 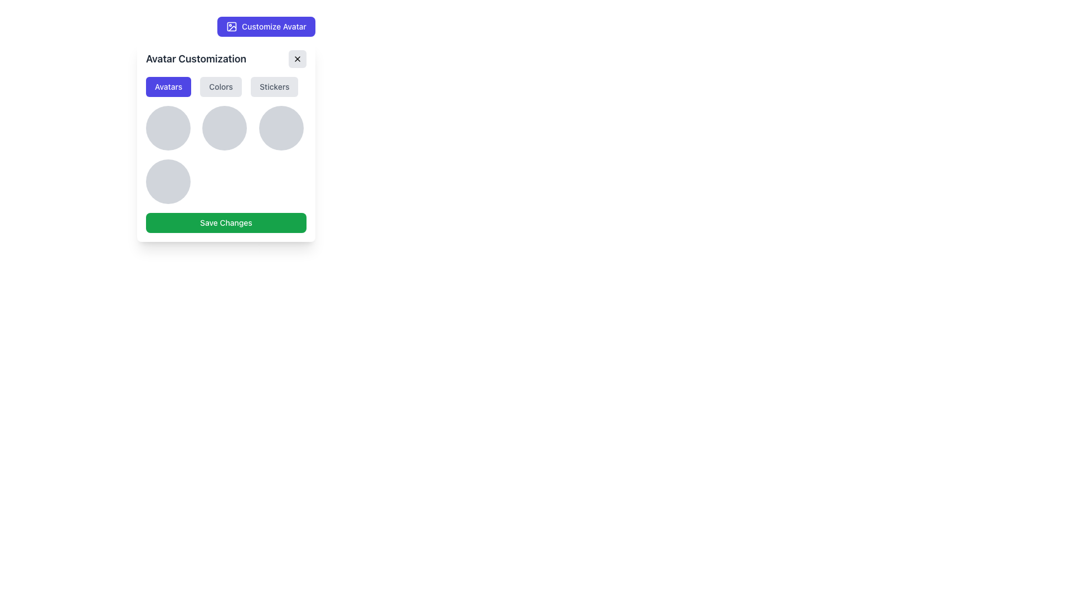 What do you see at coordinates (225, 223) in the screenshot?
I see `the green 'Save Changes' button located at the bottom-center of the 'Avatar Customization' section` at bounding box center [225, 223].